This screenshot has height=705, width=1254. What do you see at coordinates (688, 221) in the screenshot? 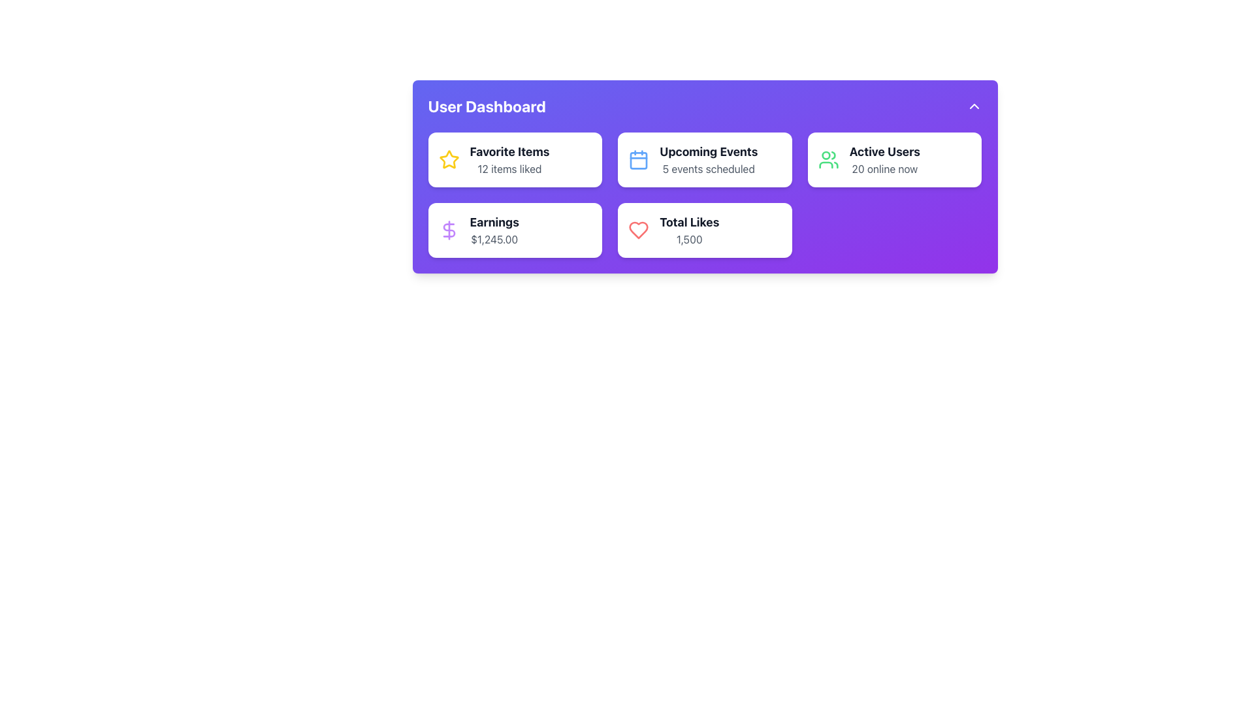
I see `the bold text label reading 'Total Likes', which is located at the top of its card layout, to the right of the heart icon` at bounding box center [688, 221].